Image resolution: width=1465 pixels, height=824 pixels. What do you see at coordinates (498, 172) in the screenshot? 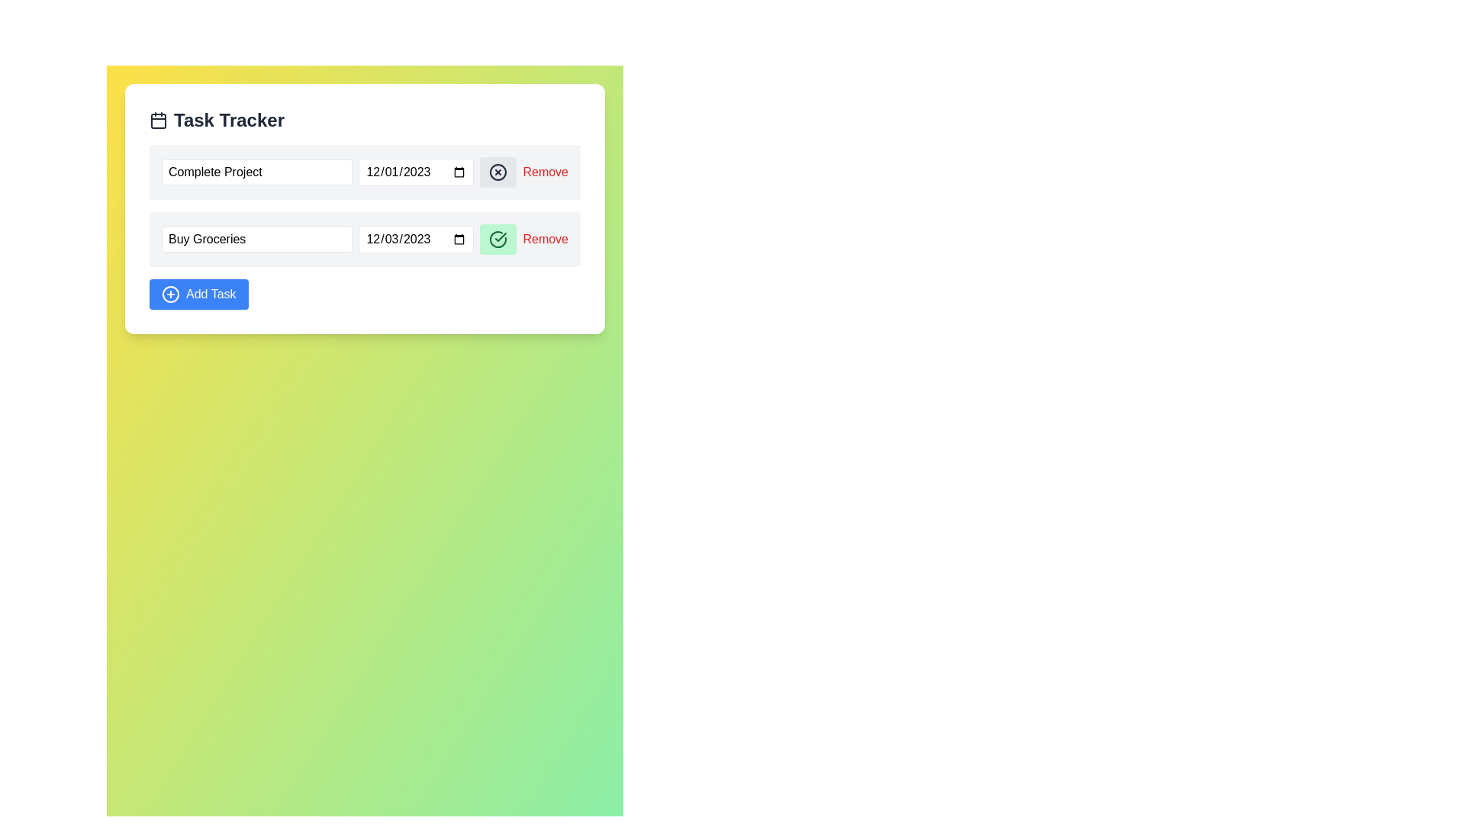
I see `the circular 'X' icon within the graphical 'Remove' button located to the right of the task labeled 'Complete Project'` at bounding box center [498, 172].